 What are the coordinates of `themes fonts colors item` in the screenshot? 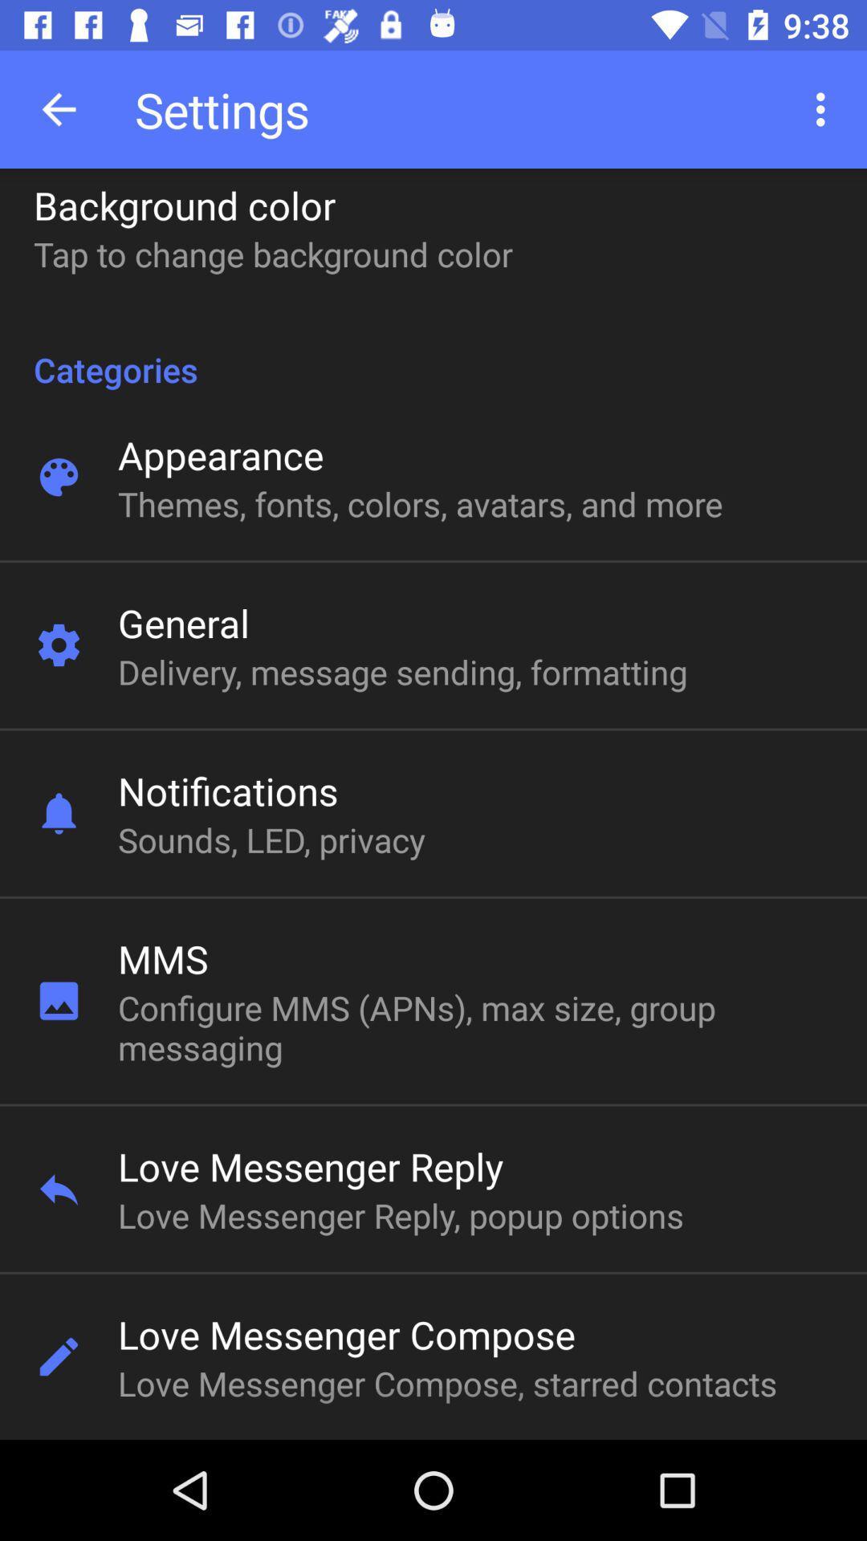 It's located at (419, 502).